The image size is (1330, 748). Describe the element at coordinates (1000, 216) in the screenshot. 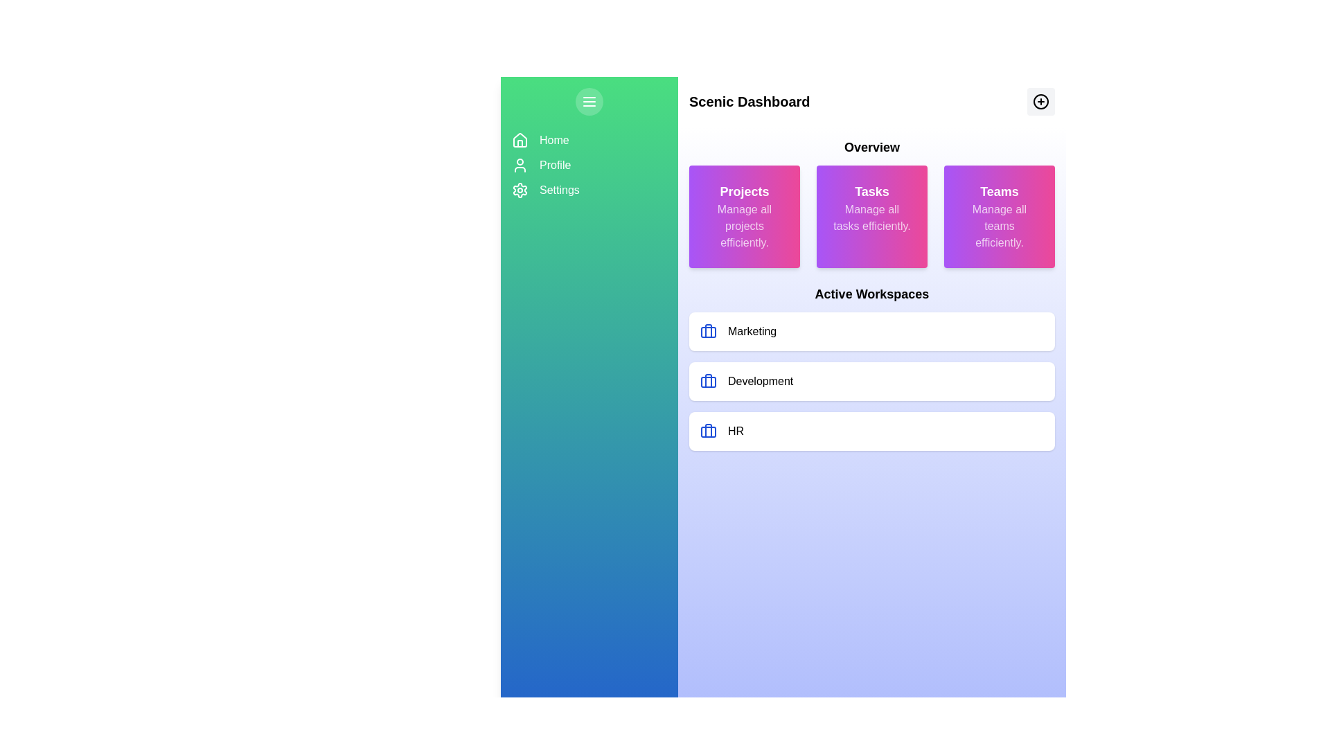

I see `the 'Teams' informative card, which is the third card in a row of three` at that location.